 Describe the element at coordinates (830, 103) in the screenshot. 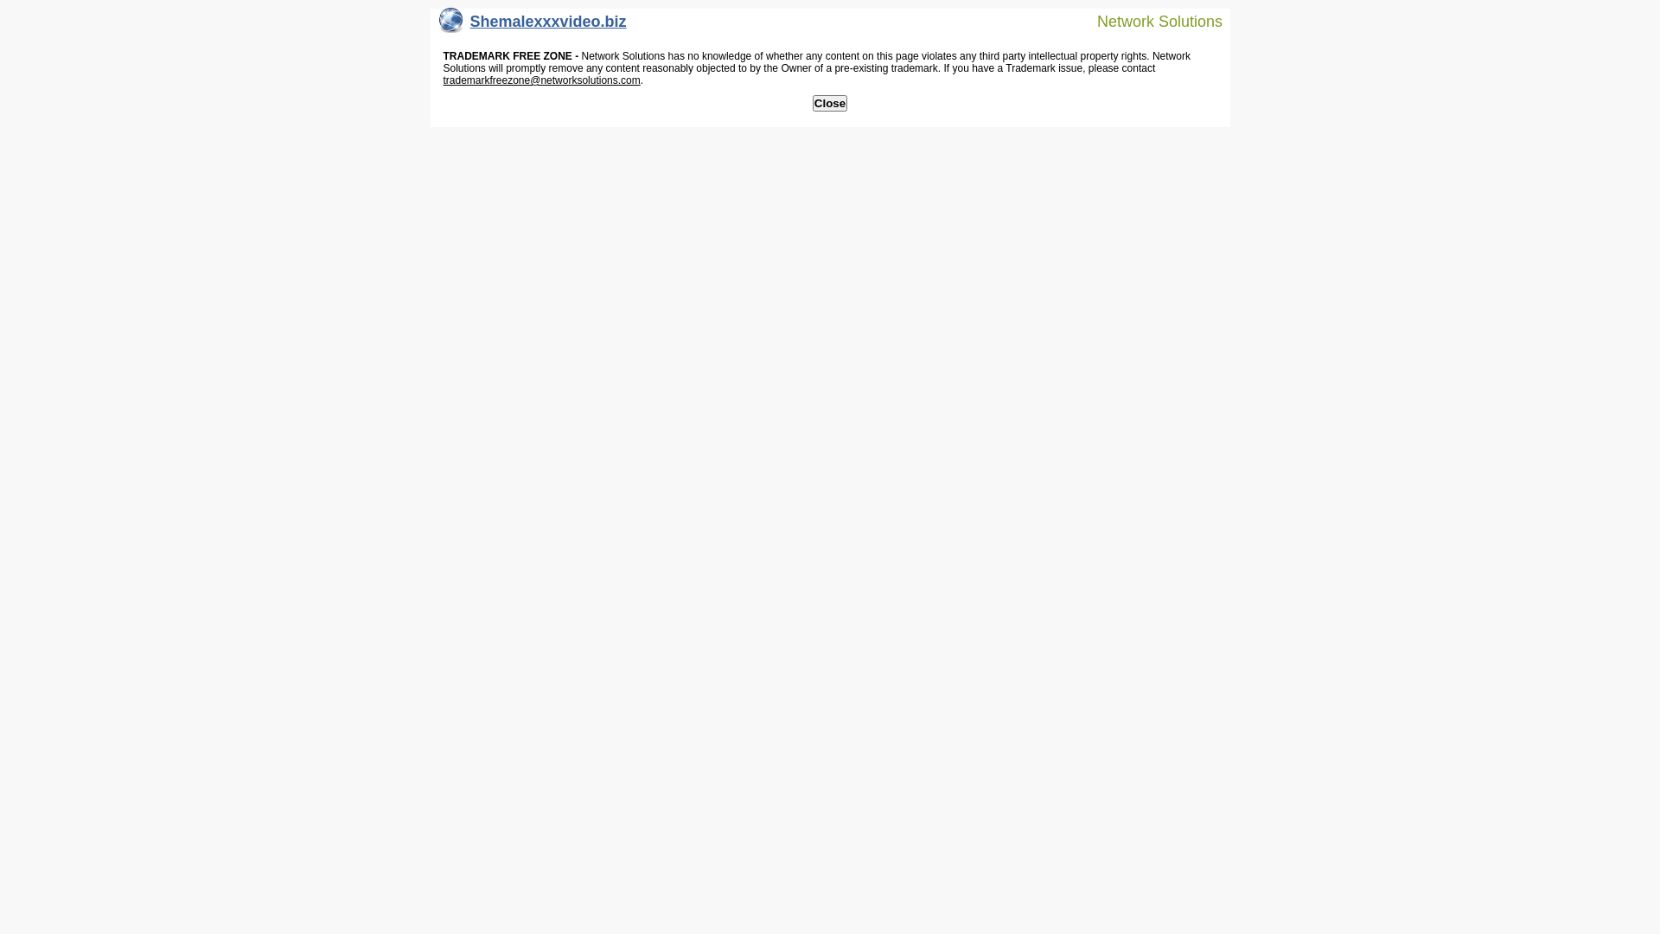

I see `'Close'` at that location.